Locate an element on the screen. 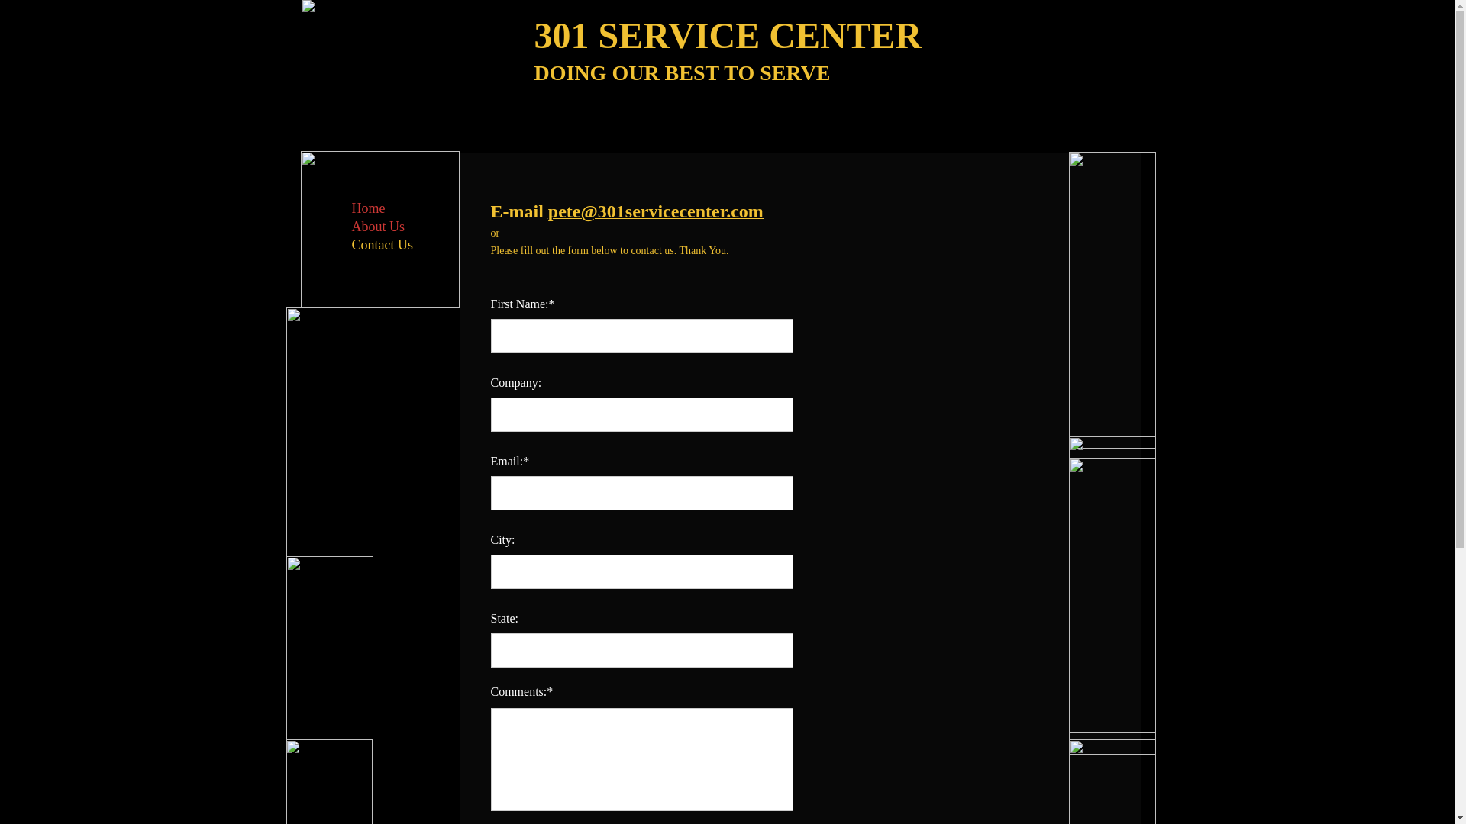 This screenshot has width=1466, height=824. 'original.jpg' is located at coordinates (1112, 300).